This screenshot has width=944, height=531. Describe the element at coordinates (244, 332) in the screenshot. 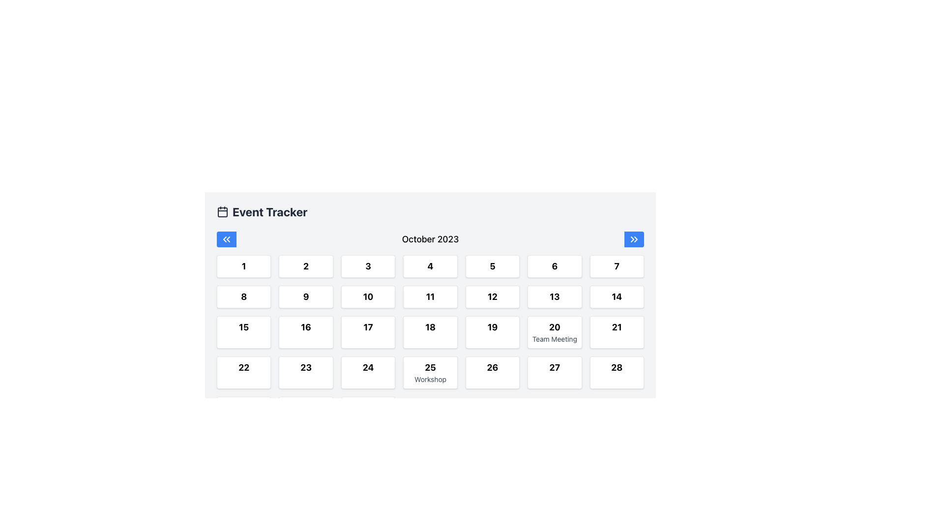

I see `the Calendar day cell displaying the number '15', located in the fifth item of the third row of a 7xN grid layout, below the 'Event Tracker' header` at that location.